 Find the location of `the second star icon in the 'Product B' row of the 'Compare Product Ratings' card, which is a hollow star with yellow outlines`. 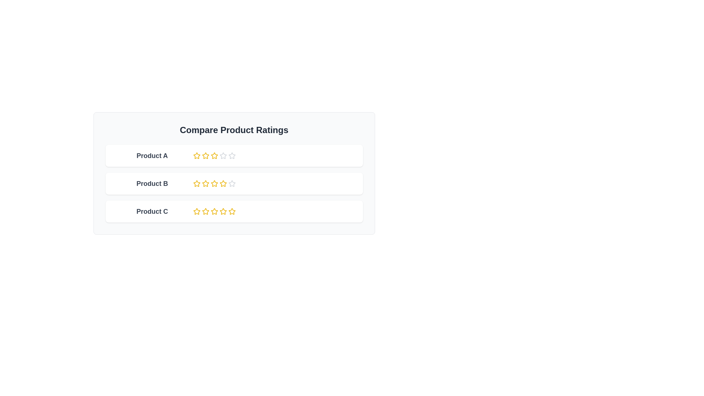

the second star icon in the 'Product B' row of the 'Compare Product Ratings' card, which is a hollow star with yellow outlines is located at coordinates (205, 183).